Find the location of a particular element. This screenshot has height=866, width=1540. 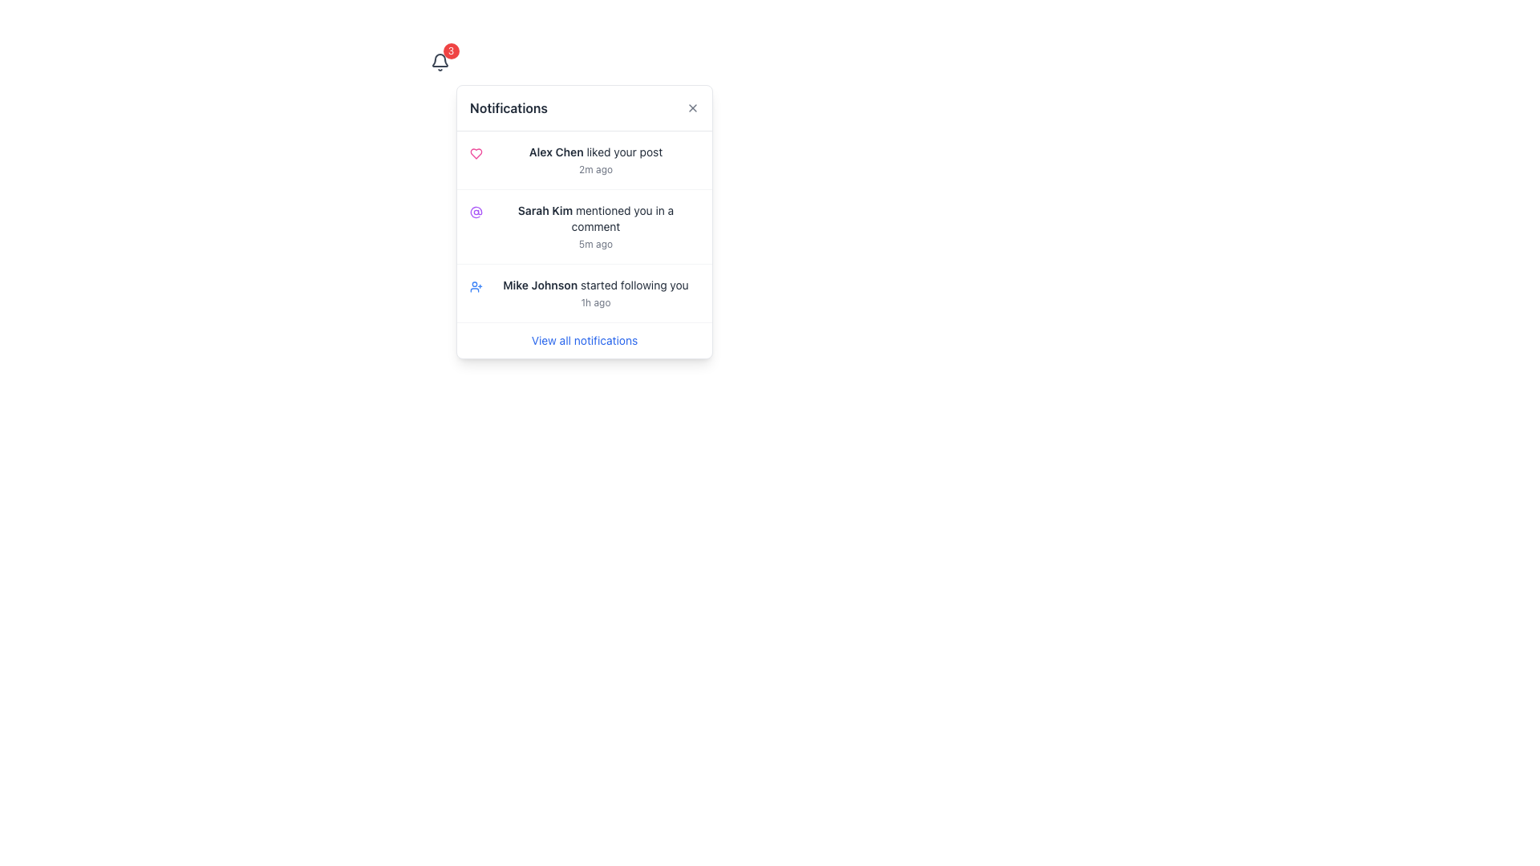

the dark thin-lined bell icon located in the top-right notifications section is located at coordinates (440, 61).